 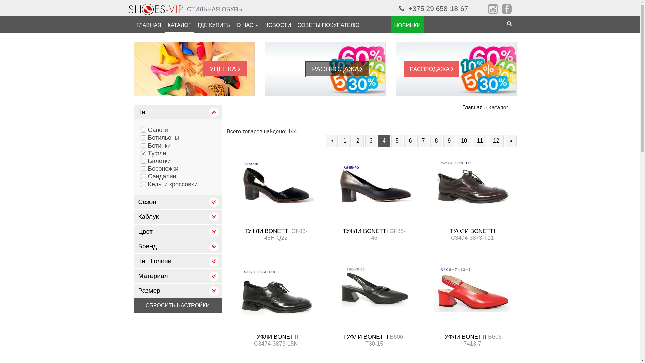 What do you see at coordinates (480, 140) in the screenshot?
I see `'11'` at bounding box center [480, 140].